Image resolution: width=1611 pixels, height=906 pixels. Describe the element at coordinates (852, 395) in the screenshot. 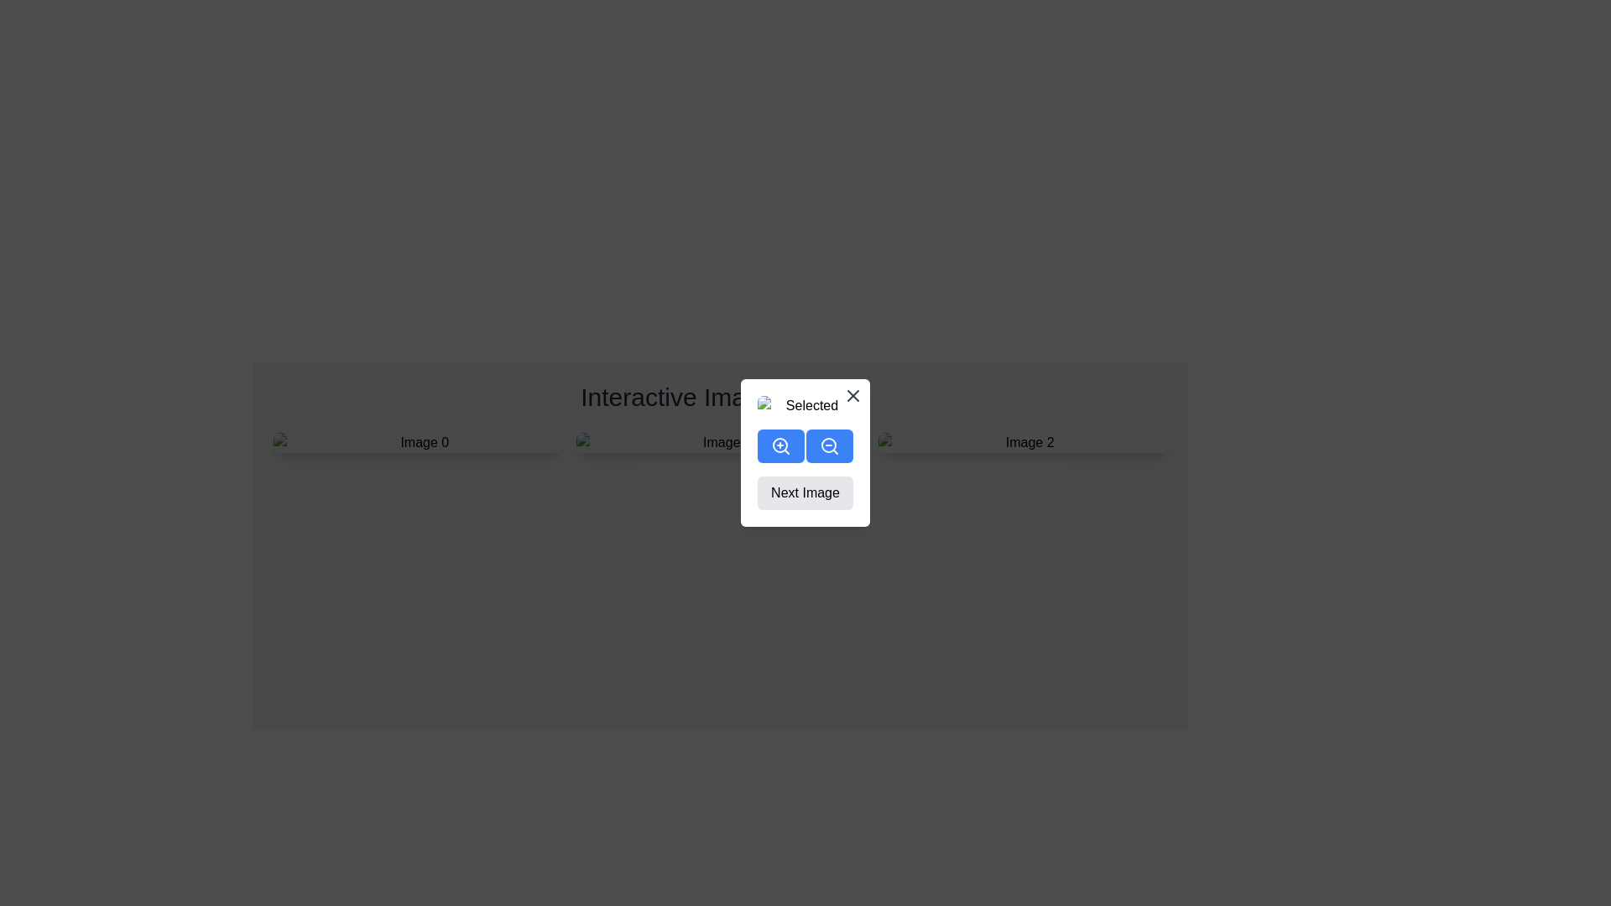

I see `the close icon located in the top-right corner of the dialog box` at that location.